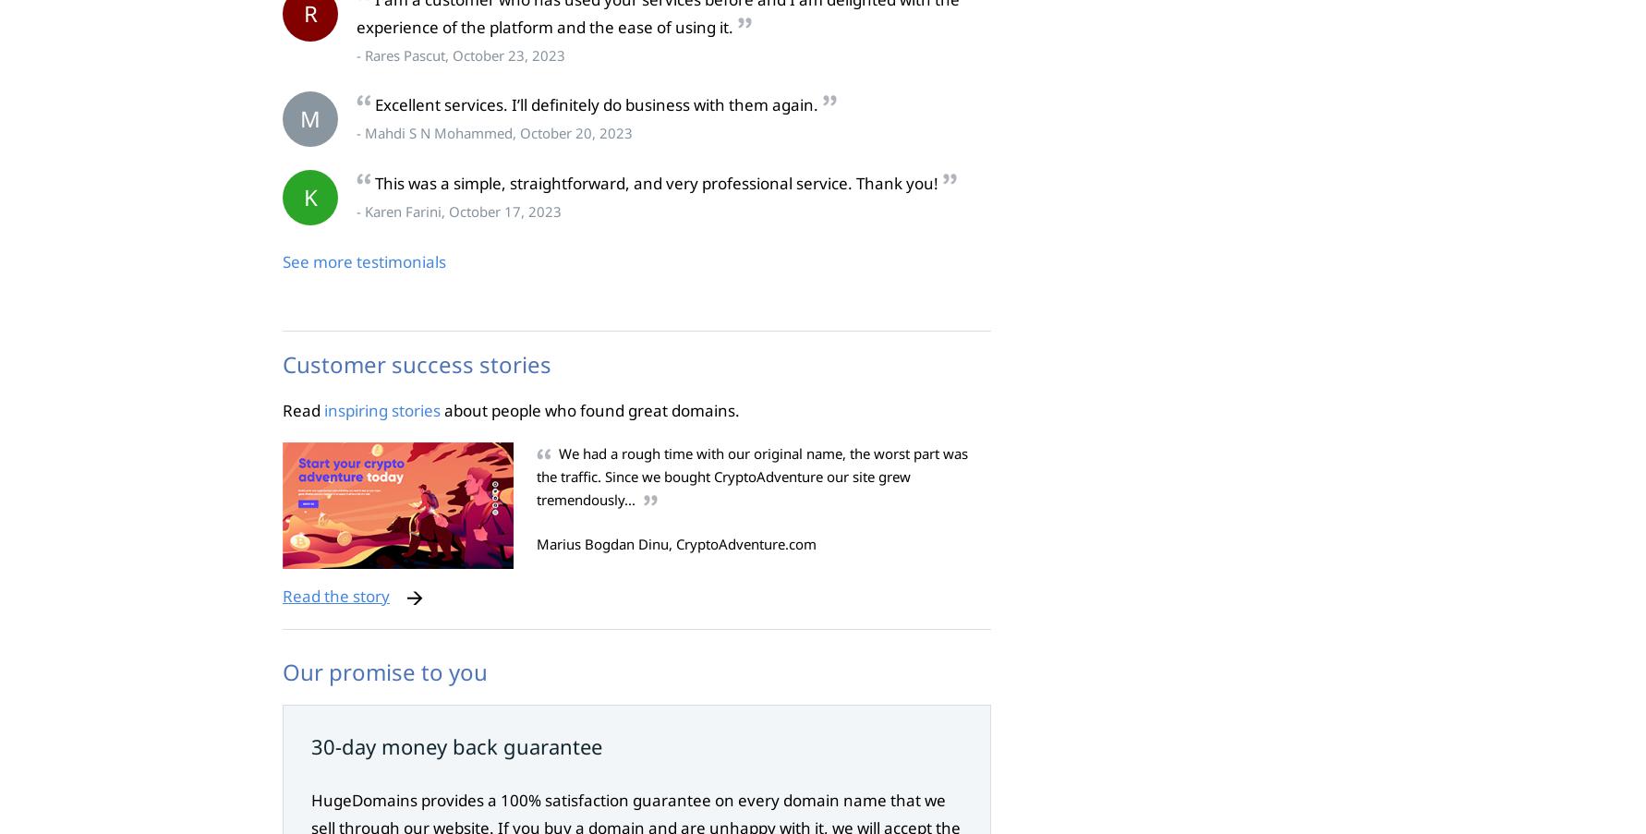 The image size is (1646, 834). I want to click on '- Karen Farini, October 17, 2023', so click(457, 212).